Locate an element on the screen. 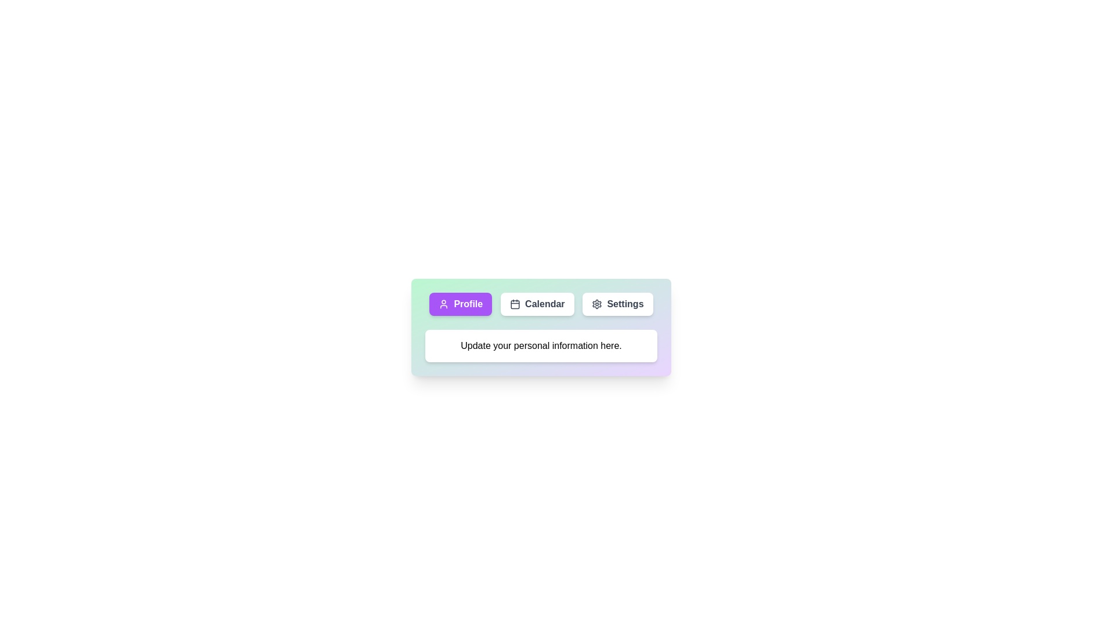  the gear-shaped icon representing settings, located to the far right of the horizontal menu containing 'Profile' and 'Calendar' buttons is located at coordinates (597, 303).